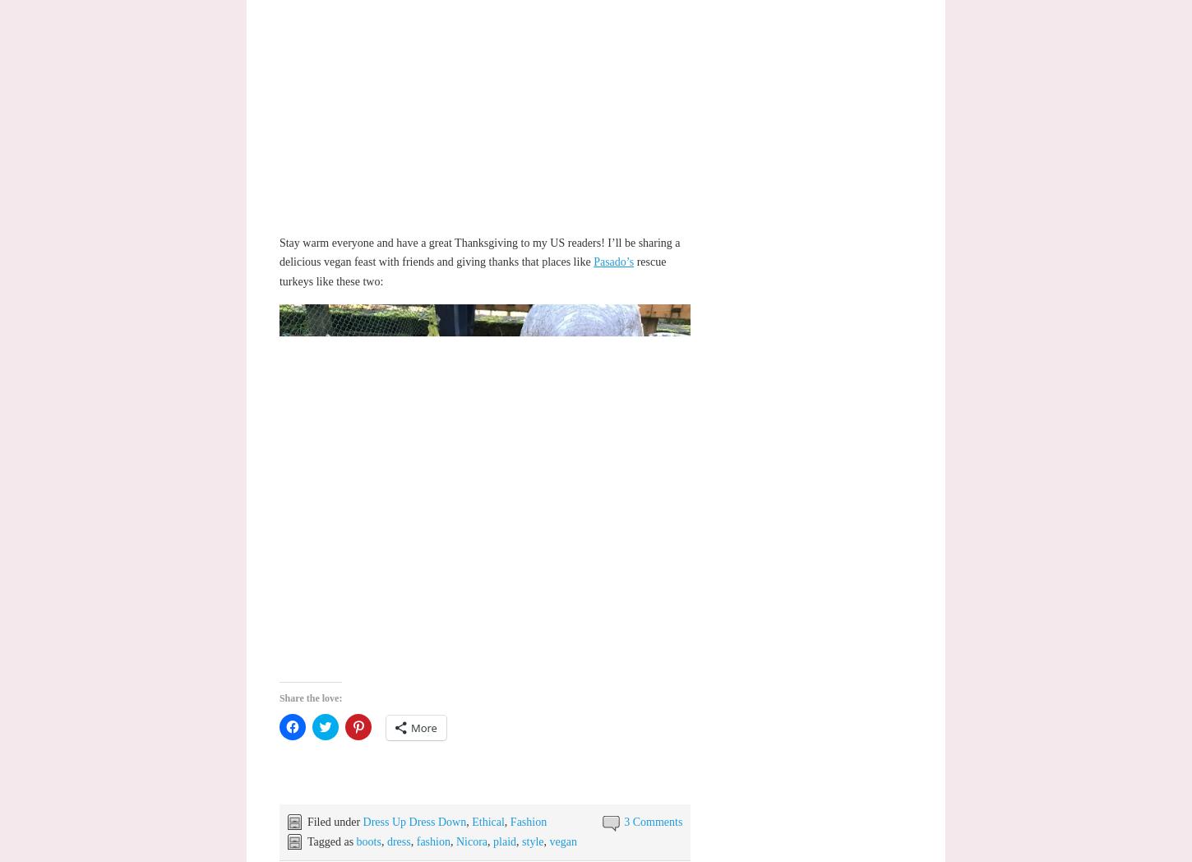 This screenshot has height=862, width=1192. What do you see at coordinates (561, 841) in the screenshot?
I see `'vegan'` at bounding box center [561, 841].